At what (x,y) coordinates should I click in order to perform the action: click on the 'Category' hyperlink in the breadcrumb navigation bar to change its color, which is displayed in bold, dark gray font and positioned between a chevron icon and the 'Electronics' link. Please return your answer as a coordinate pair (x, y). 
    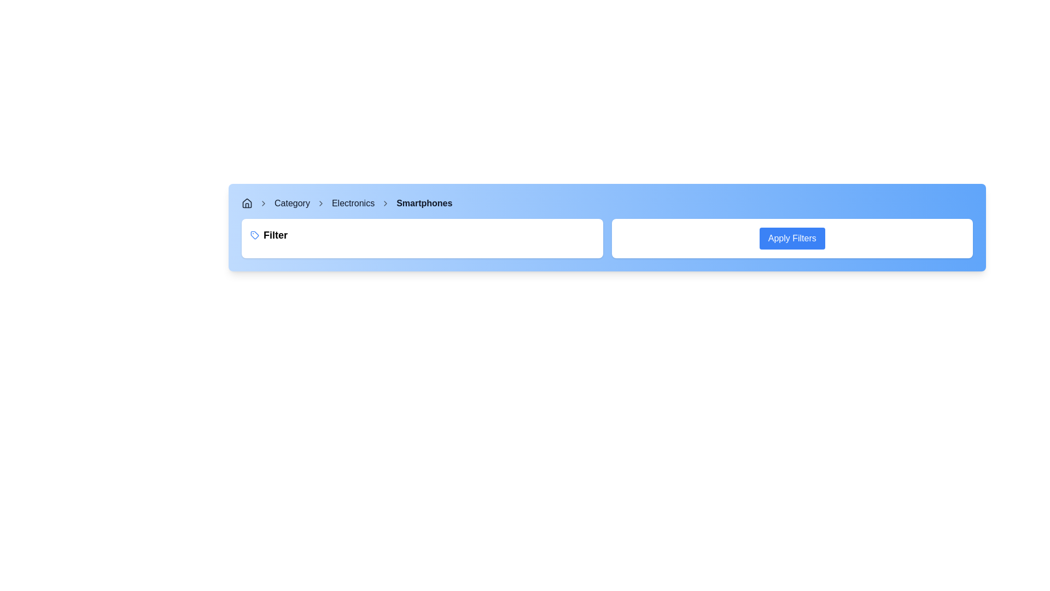
    Looking at the image, I should click on (292, 203).